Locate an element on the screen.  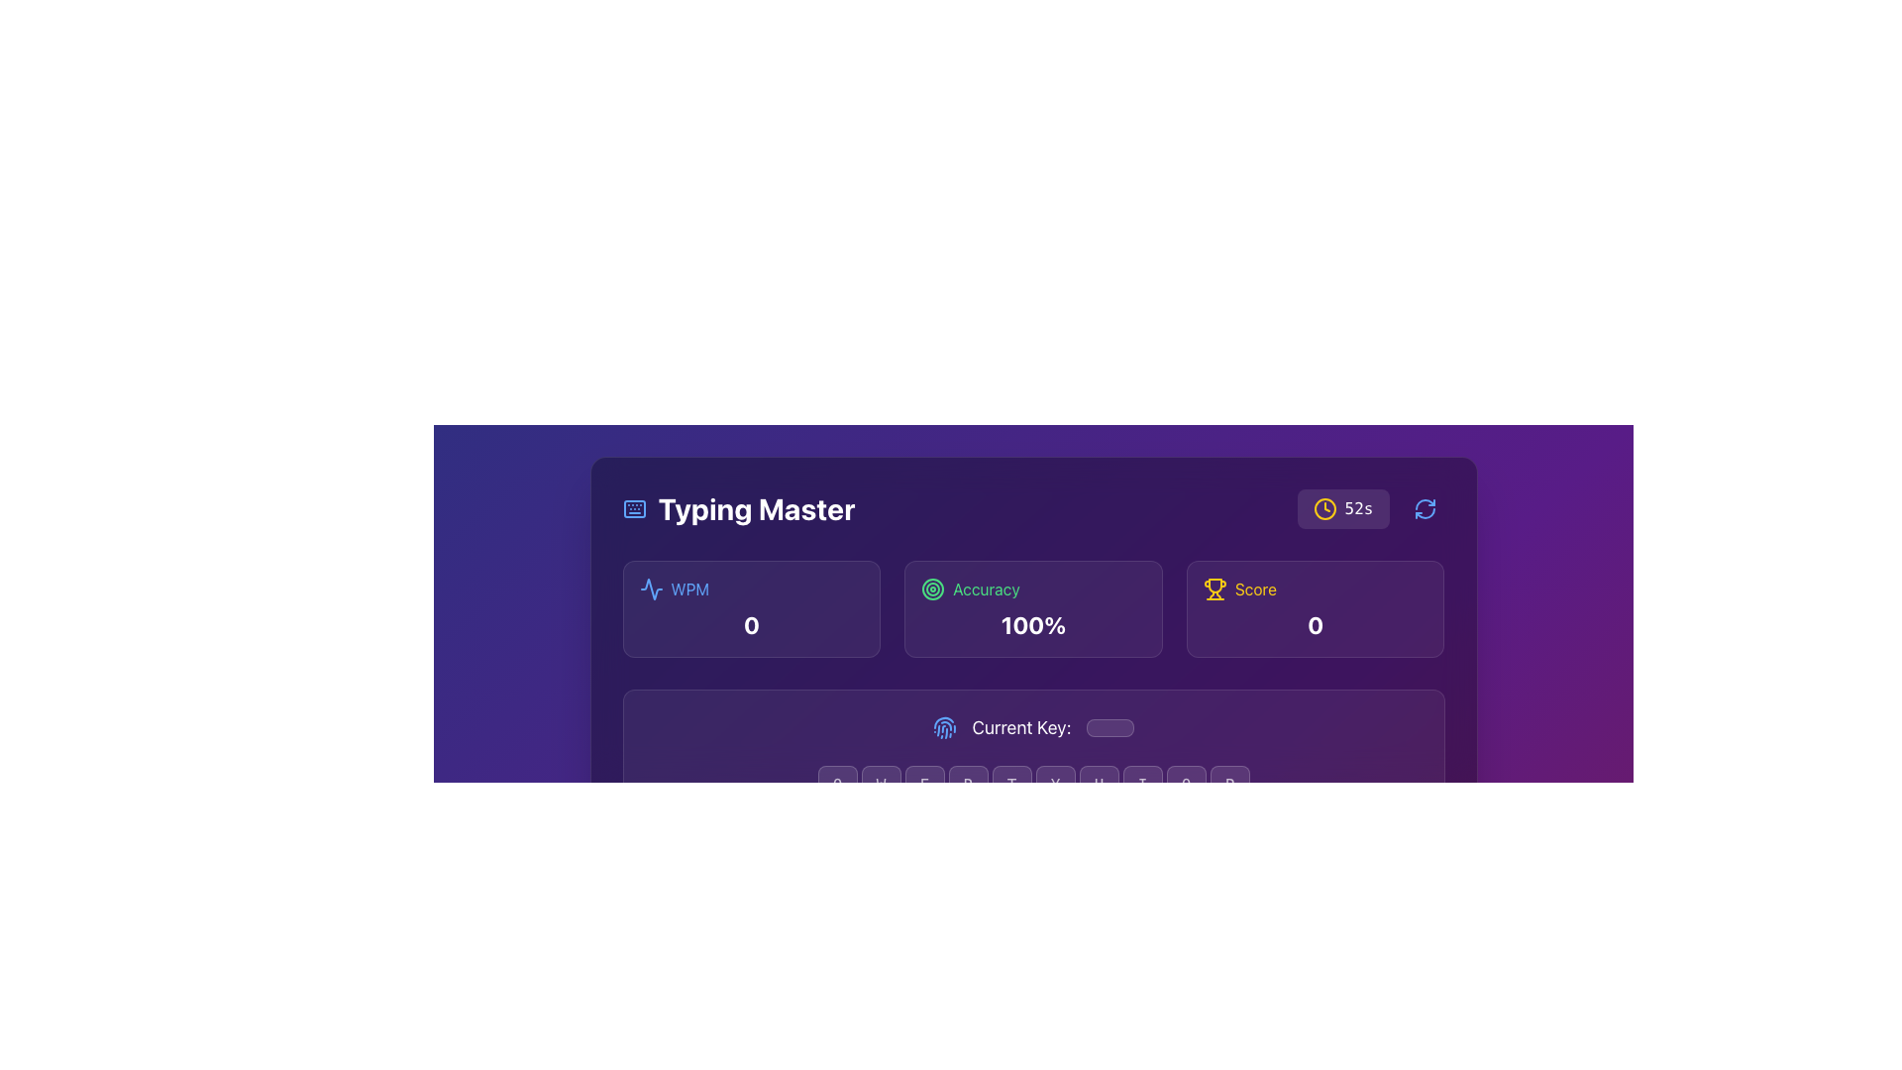
the 'WPM' text label, which is displayed in a bold light blue font on a dark purple background, located to the right of a small waveform icon is located at coordinates (689, 588).